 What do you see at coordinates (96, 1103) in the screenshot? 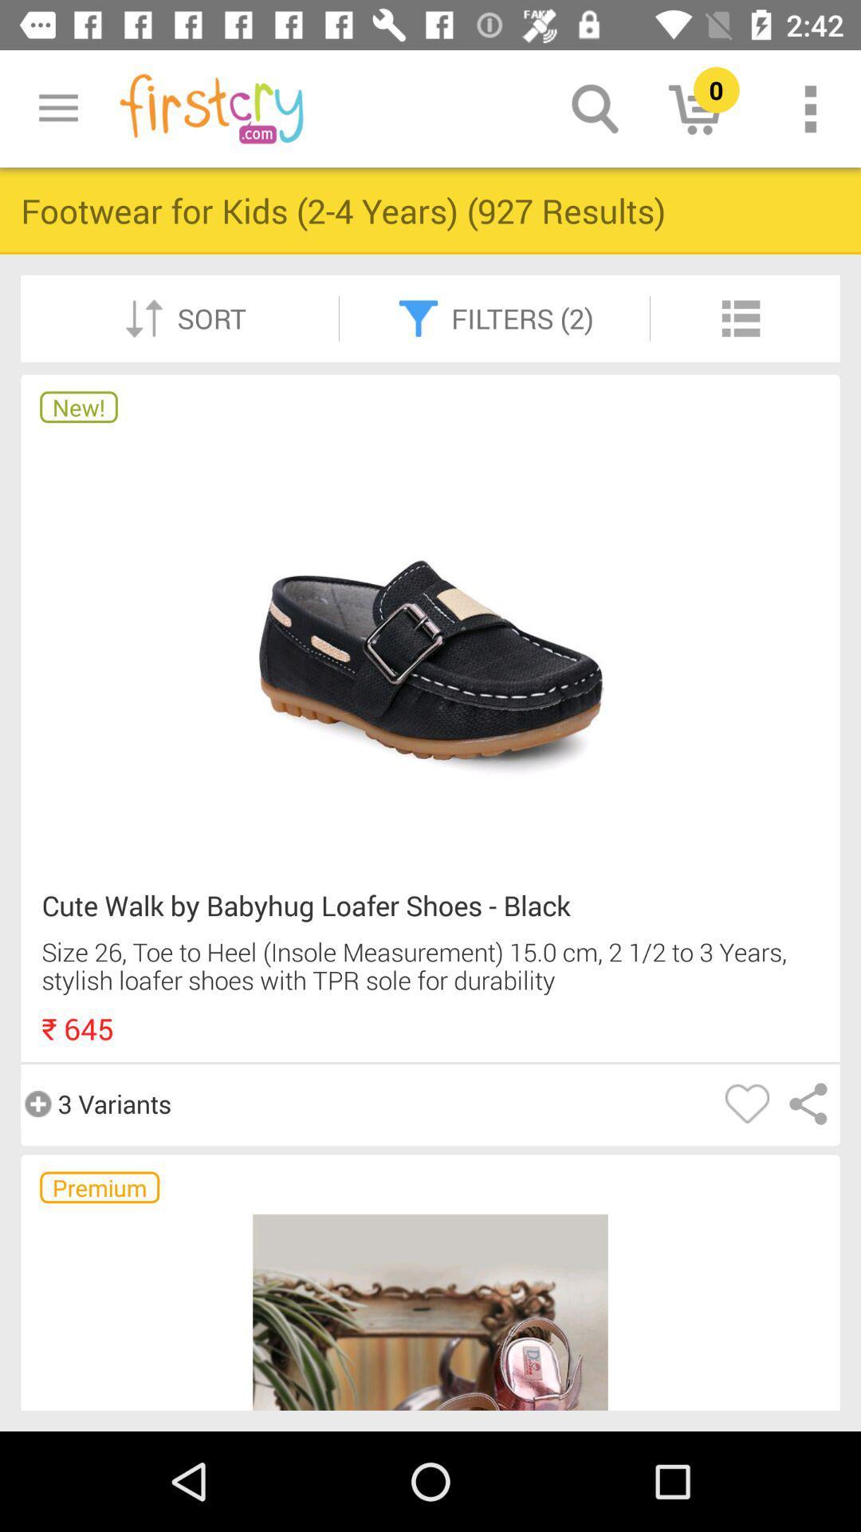
I see `the 3 variants icon` at bounding box center [96, 1103].